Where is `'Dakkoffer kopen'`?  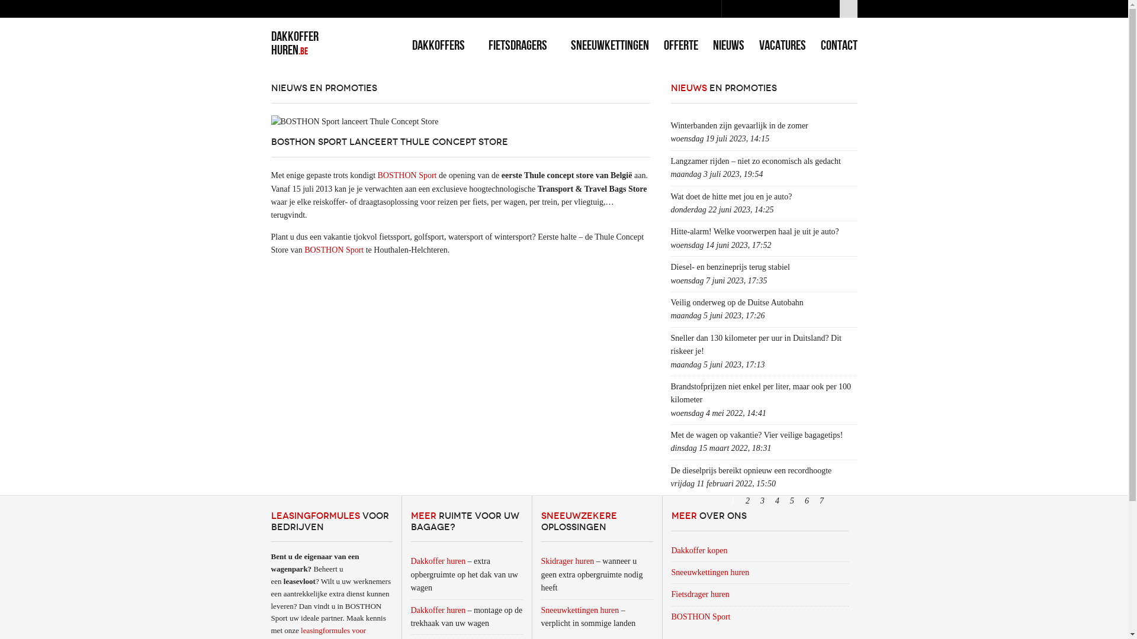
'Dakkoffer kopen' is located at coordinates (703, 550).